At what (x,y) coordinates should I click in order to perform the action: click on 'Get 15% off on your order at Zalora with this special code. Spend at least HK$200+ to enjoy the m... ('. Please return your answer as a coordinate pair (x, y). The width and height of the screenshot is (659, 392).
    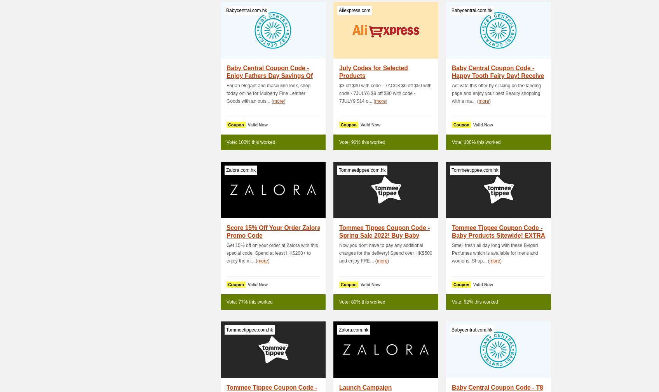
    Looking at the image, I should click on (272, 253).